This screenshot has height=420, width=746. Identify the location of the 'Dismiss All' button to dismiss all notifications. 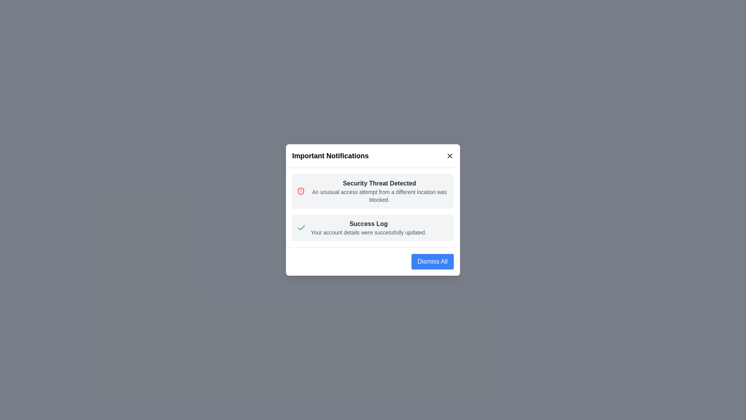
(432, 261).